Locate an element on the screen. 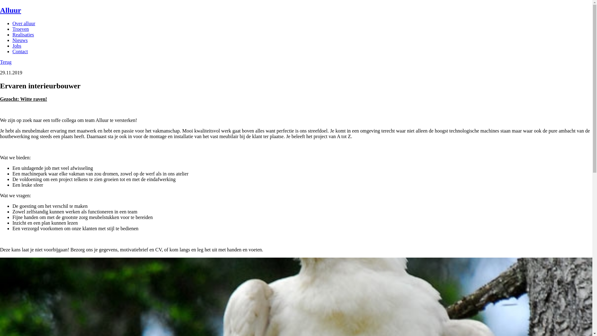 The width and height of the screenshot is (597, 336). 'Terug' is located at coordinates (6, 62).